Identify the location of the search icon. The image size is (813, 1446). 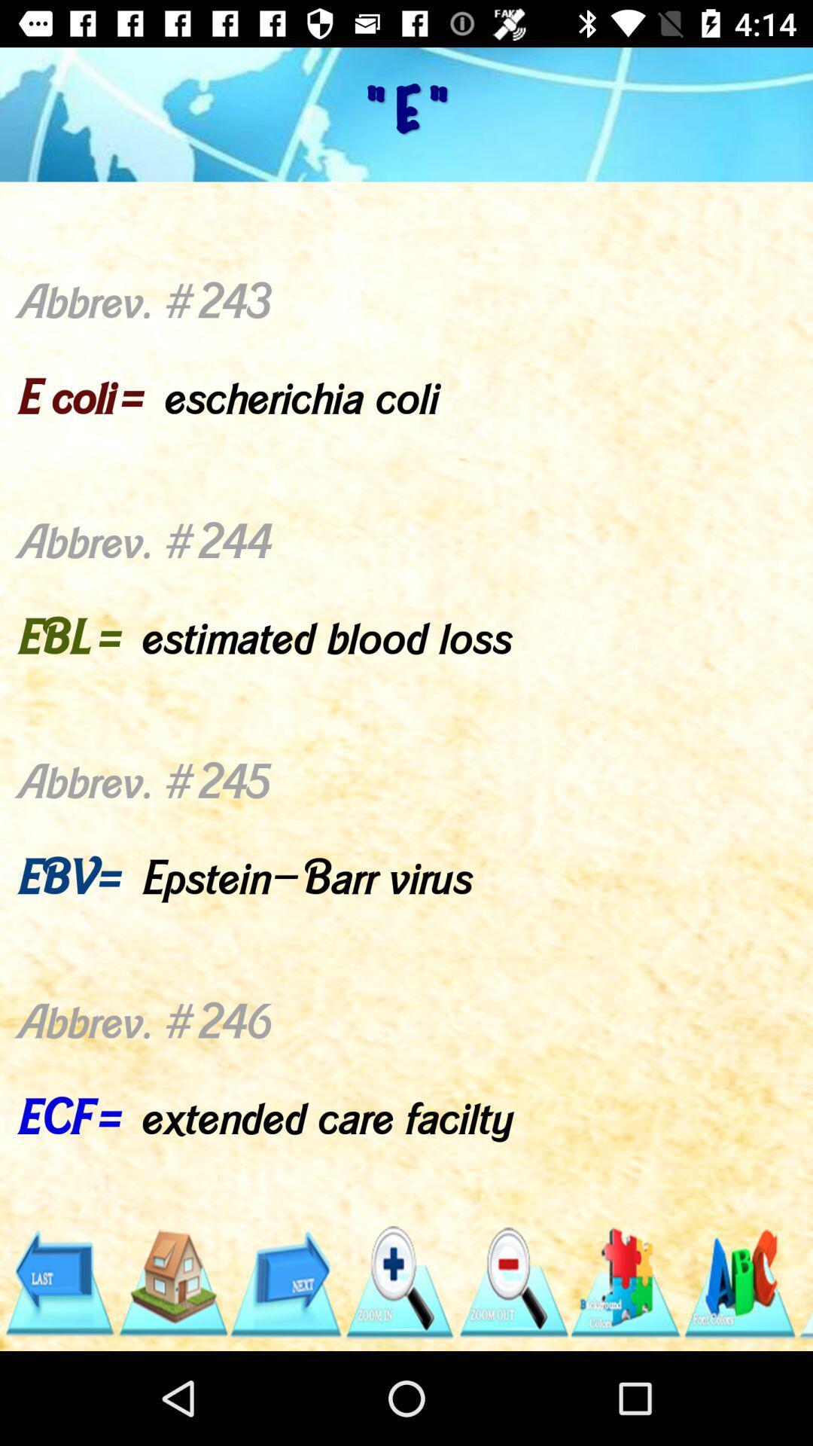
(398, 1282).